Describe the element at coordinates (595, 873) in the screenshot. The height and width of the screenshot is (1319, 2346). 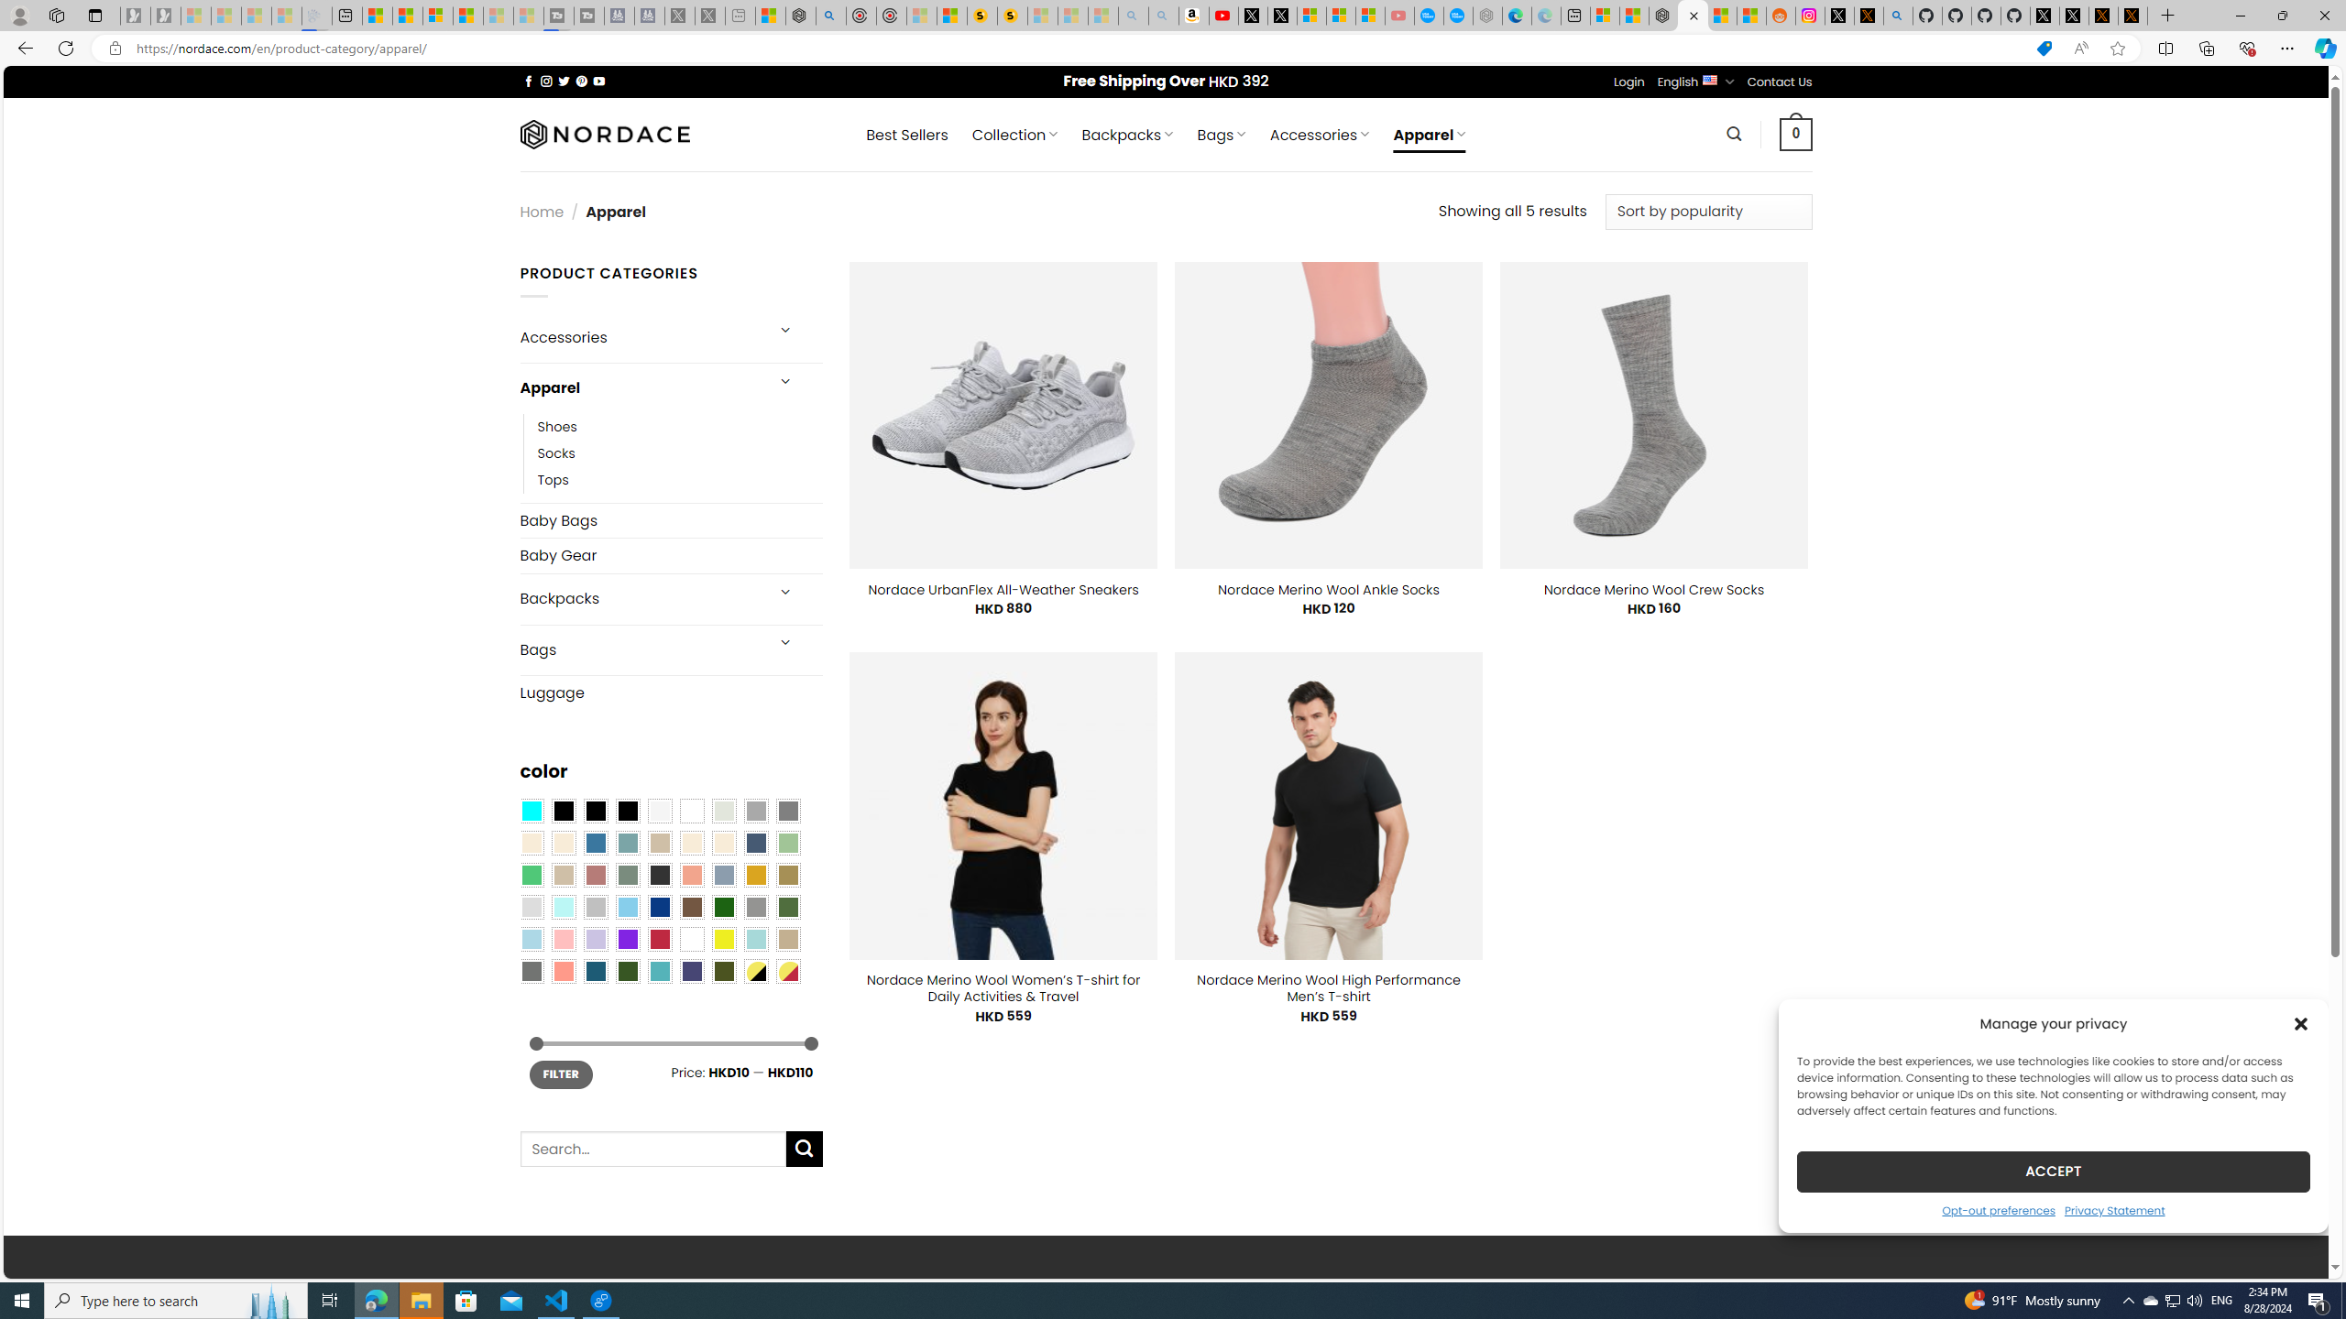
I see `'Rose'` at that location.